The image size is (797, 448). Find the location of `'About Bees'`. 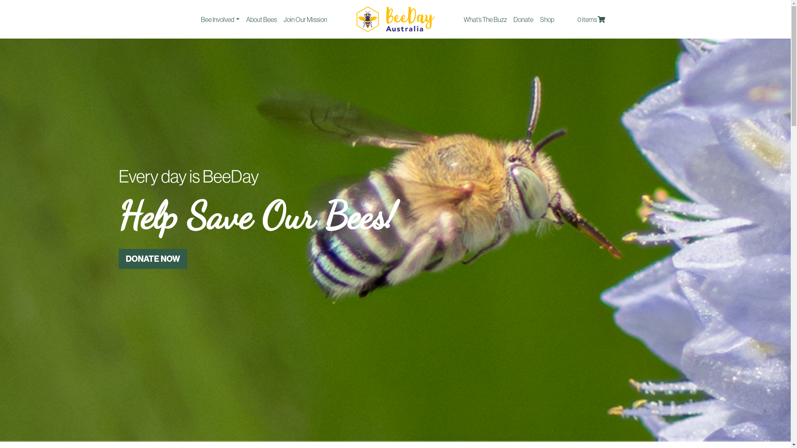

'About Bees' is located at coordinates (261, 19).